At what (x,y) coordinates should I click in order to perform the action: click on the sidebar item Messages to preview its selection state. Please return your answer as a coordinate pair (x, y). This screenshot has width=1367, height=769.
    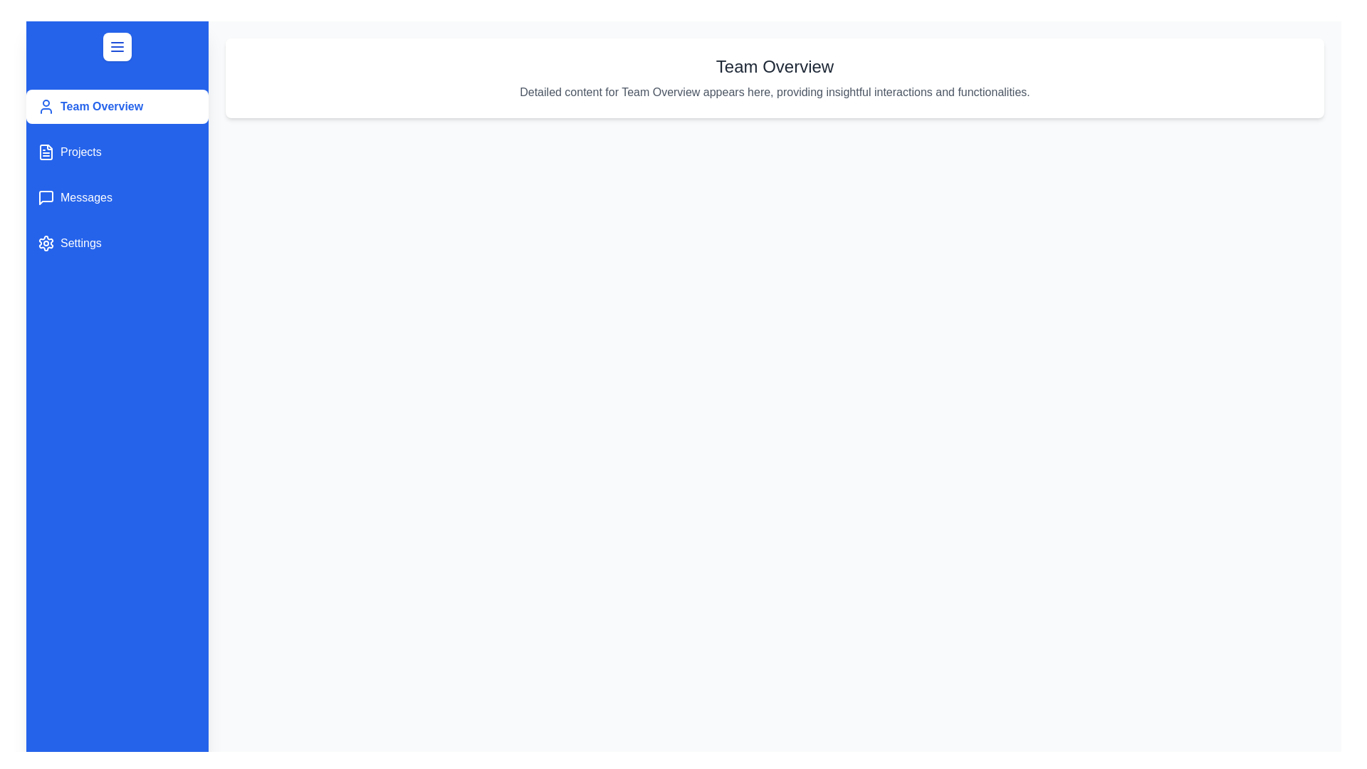
    Looking at the image, I should click on (117, 197).